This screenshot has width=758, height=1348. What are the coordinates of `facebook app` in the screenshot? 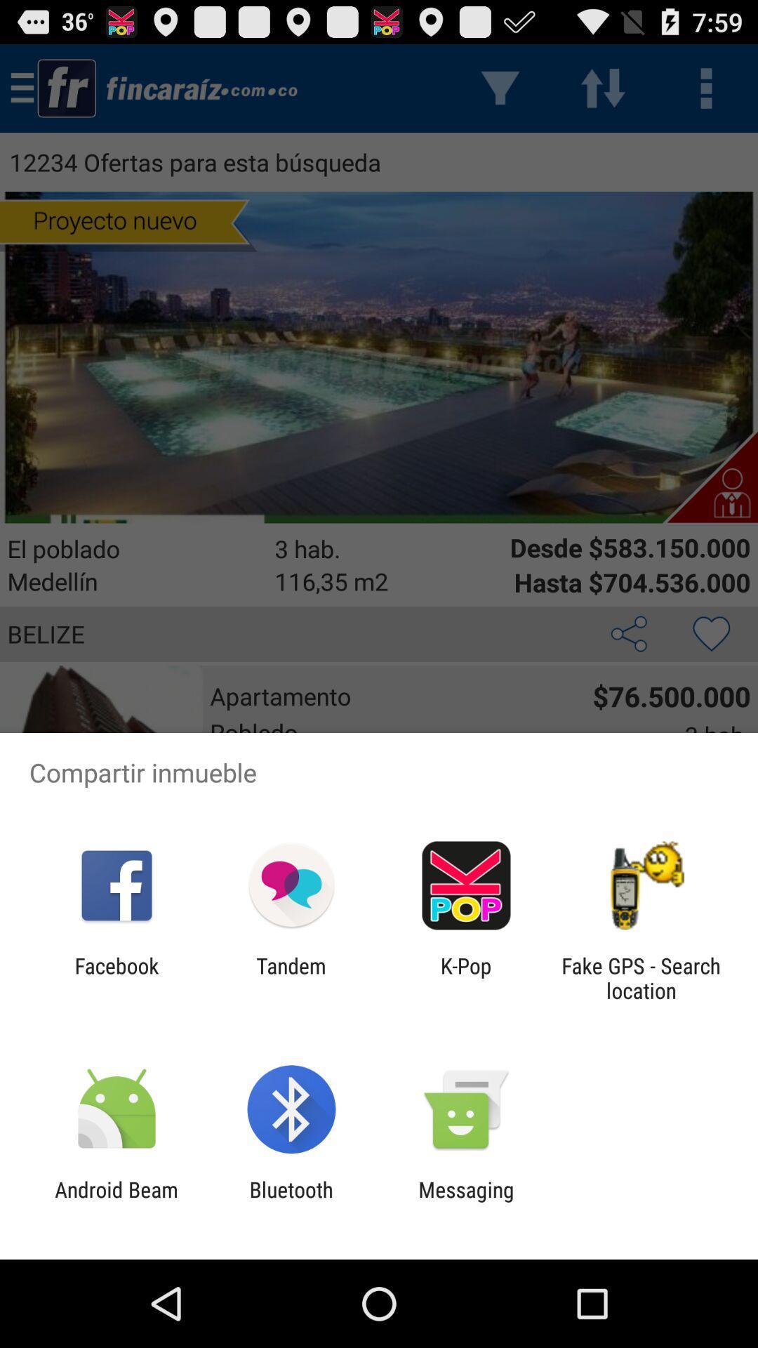 It's located at (116, 977).